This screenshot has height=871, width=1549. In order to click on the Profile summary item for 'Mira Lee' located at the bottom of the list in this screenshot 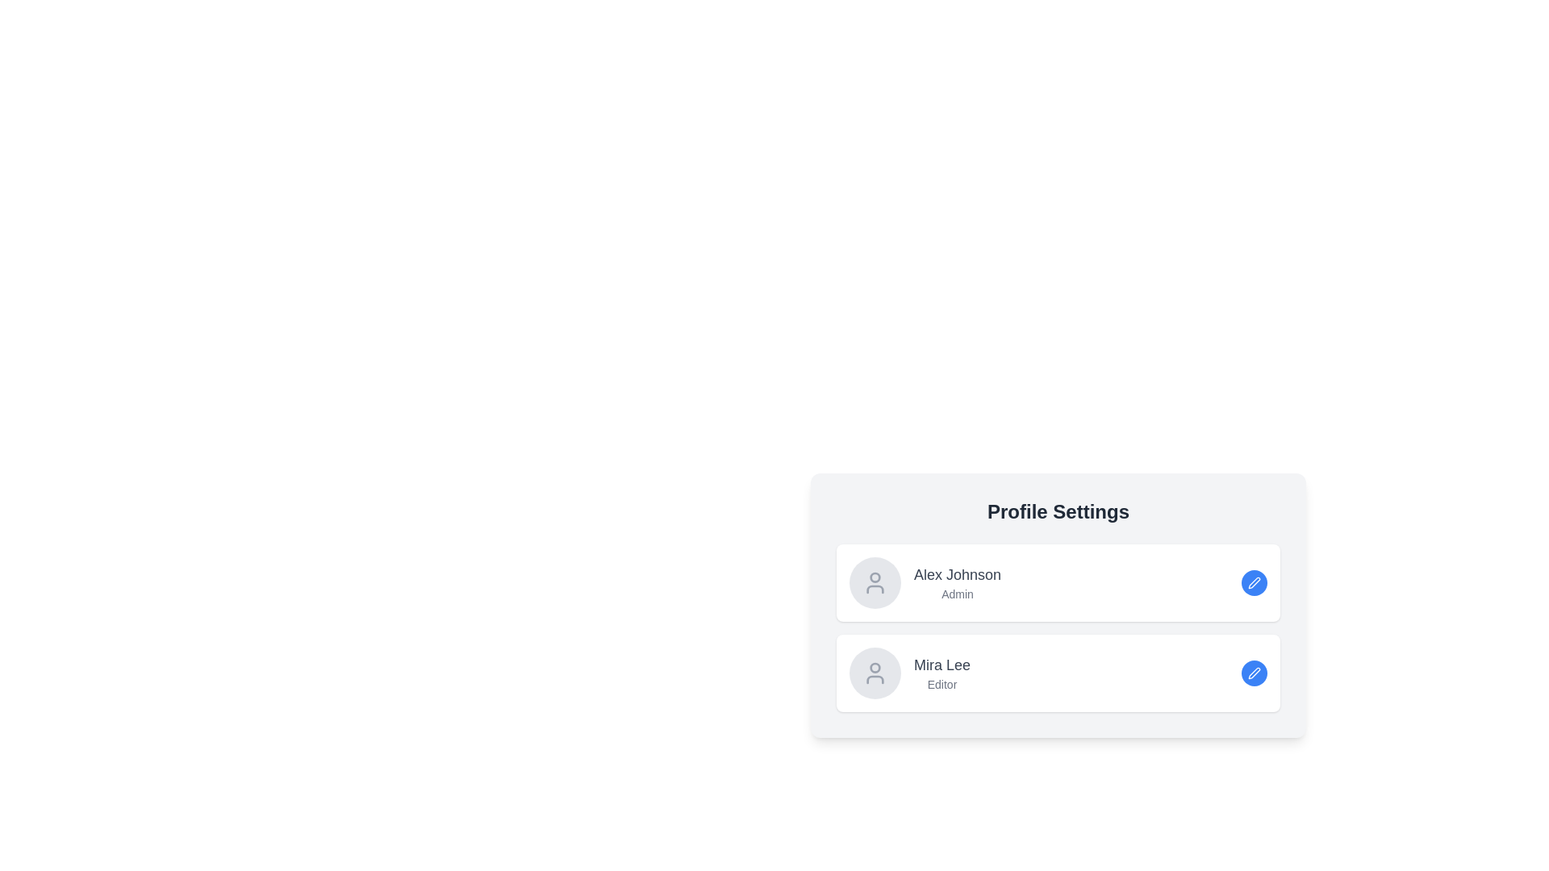, I will do `click(910, 673)`.